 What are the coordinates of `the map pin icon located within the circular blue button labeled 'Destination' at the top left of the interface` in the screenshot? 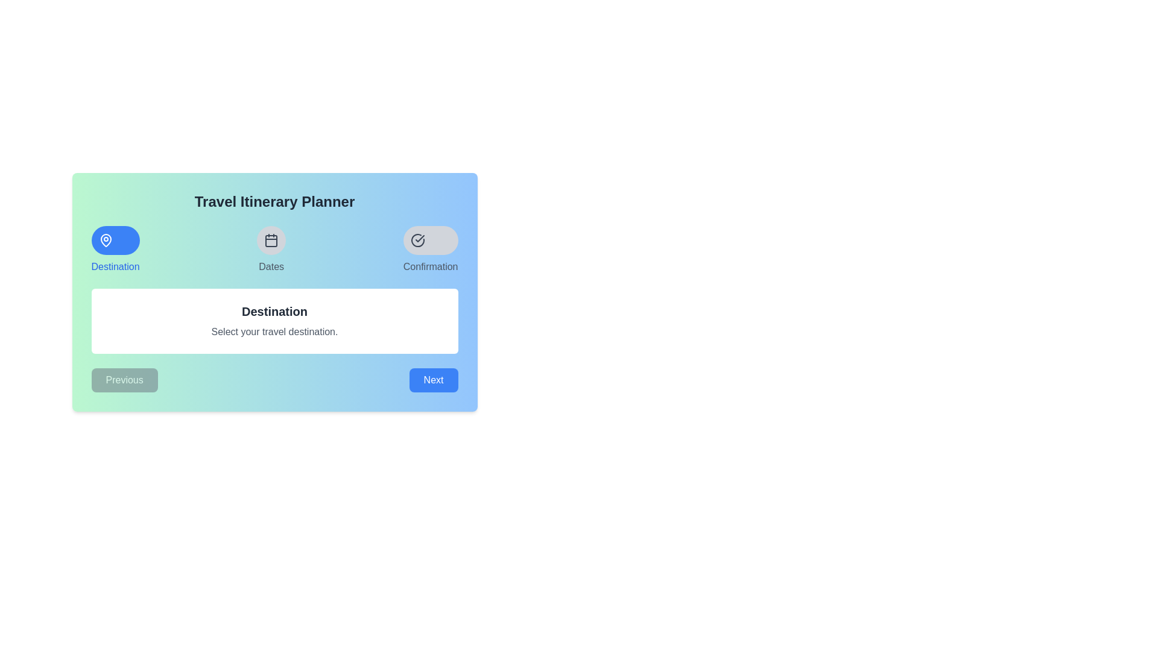 It's located at (106, 240).